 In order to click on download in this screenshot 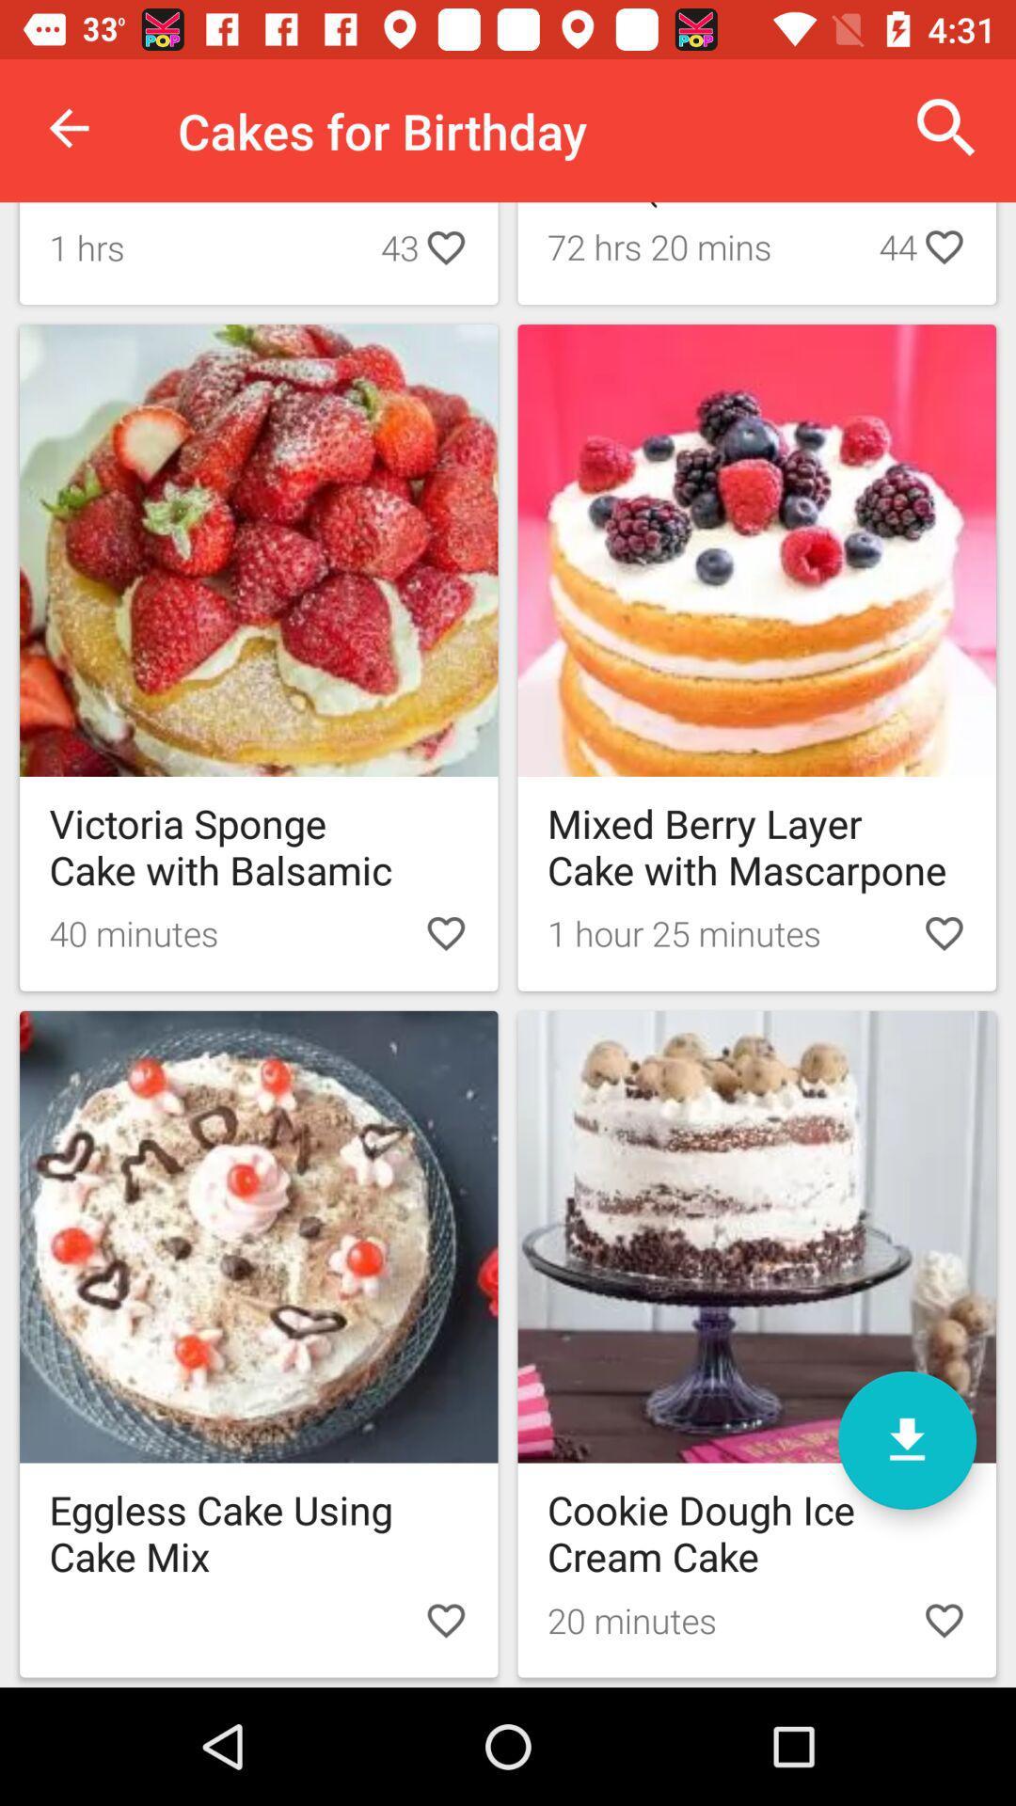, I will do `click(906, 1439)`.